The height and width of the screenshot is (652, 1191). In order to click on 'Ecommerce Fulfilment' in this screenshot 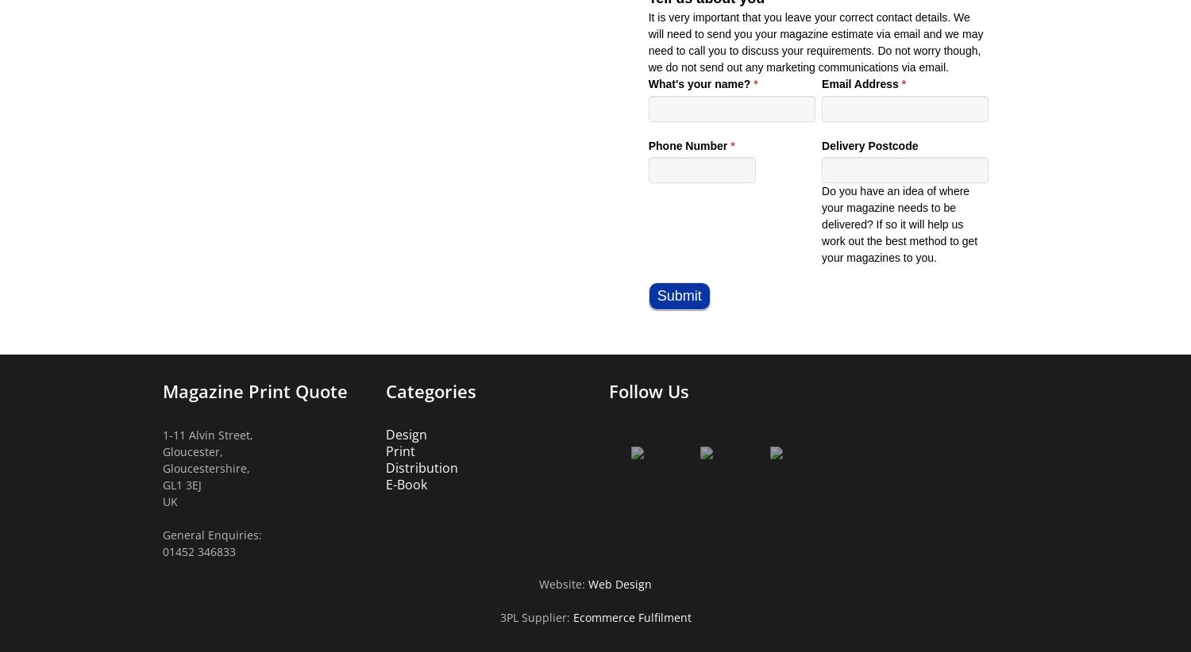, I will do `click(631, 616)`.